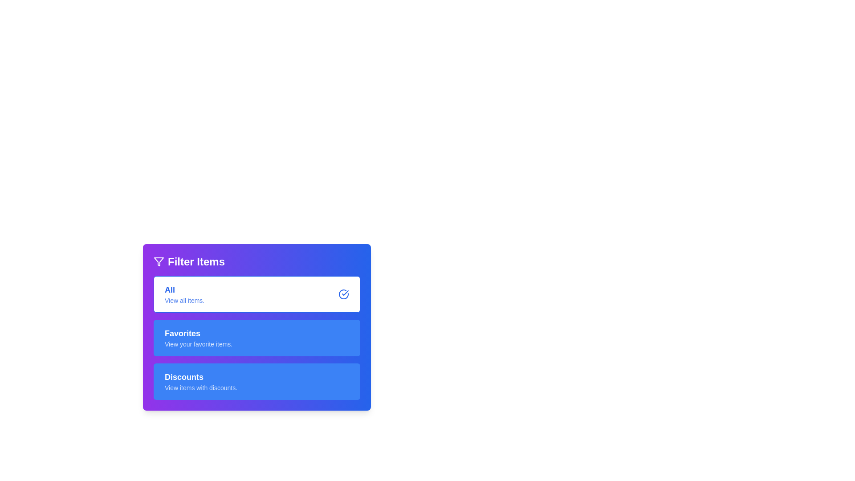  What do you see at coordinates (184, 301) in the screenshot?
I see `the informational text label 'View all items.' located directly underneath the 'All' label in the 'Filter Items' section` at bounding box center [184, 301].